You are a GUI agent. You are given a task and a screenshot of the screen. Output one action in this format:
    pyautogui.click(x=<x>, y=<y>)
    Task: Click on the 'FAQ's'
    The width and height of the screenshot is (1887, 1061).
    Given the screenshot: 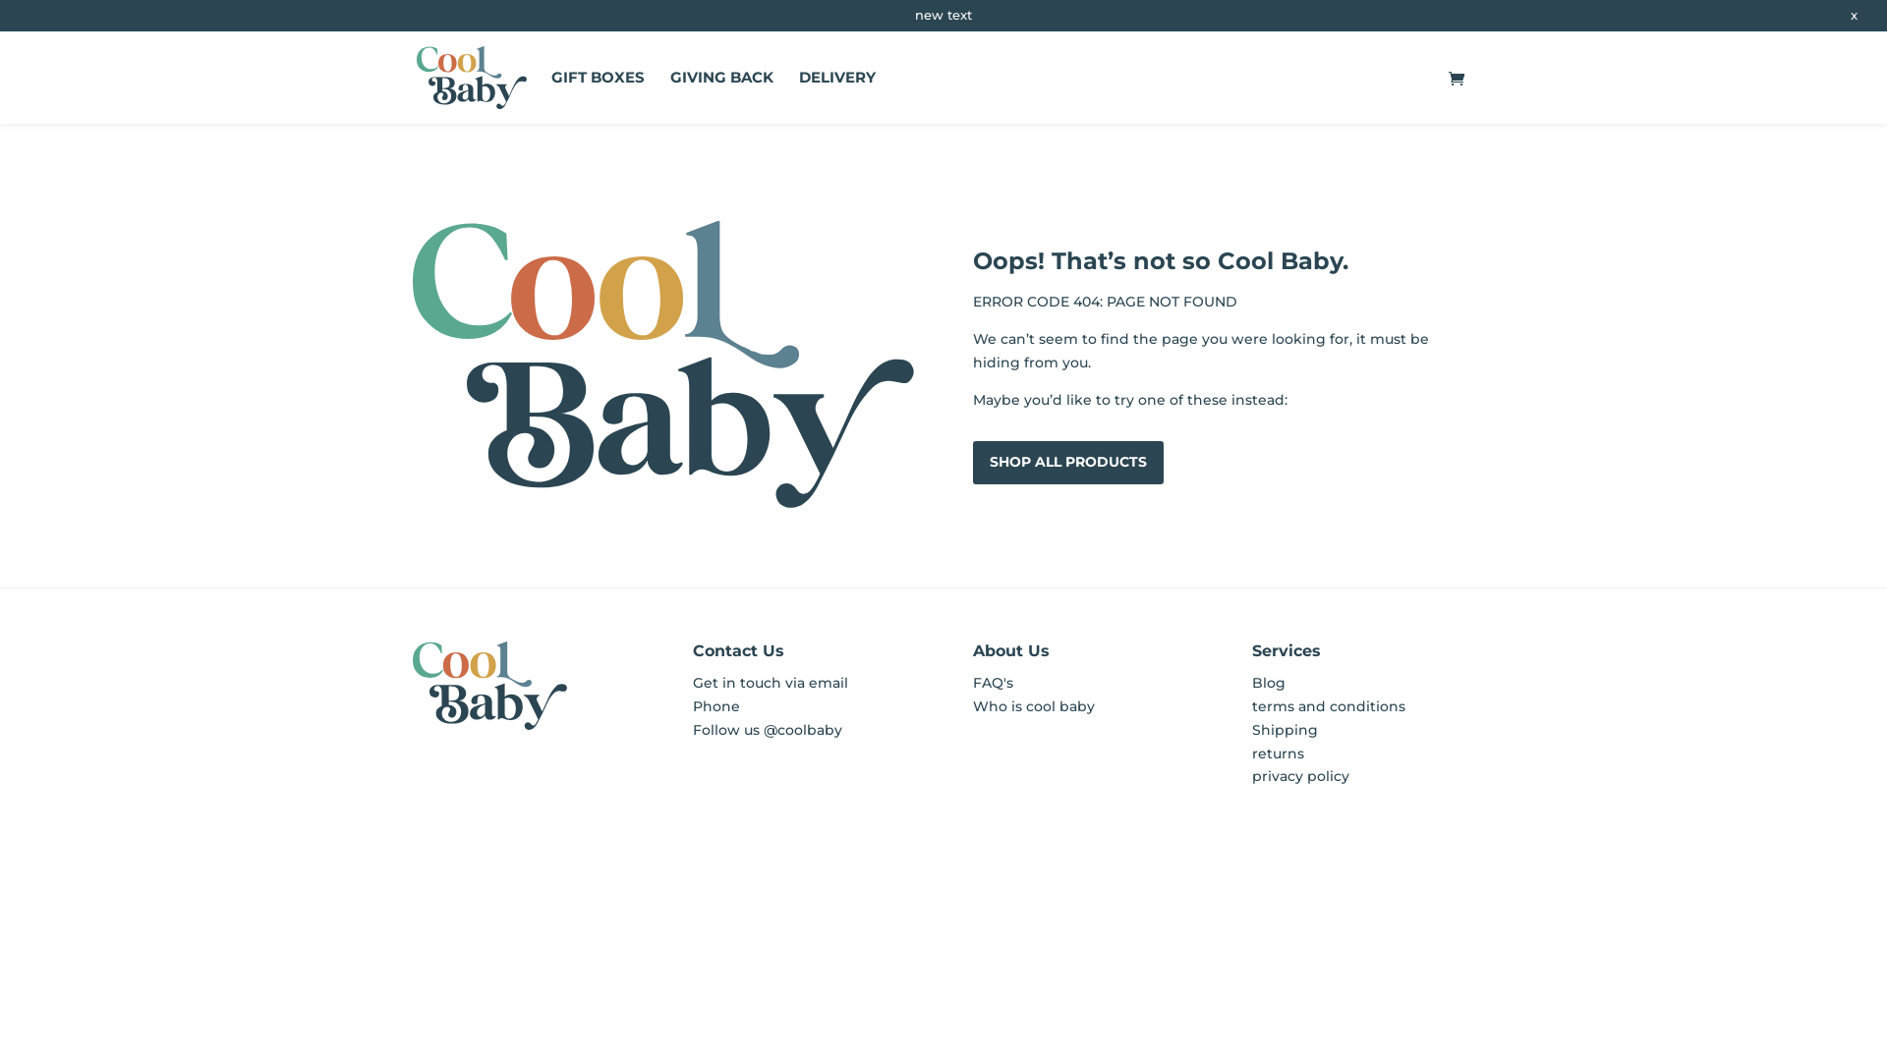 What is the action you would take?
    pyautogui.click(x=993, y=681)
    